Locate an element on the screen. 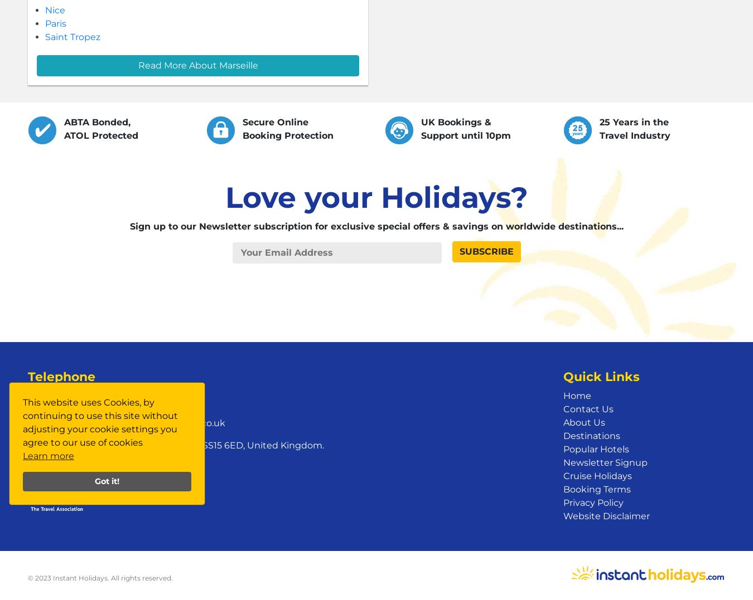 The image size is (753, 600). 'Read More About Marseille' is located at coordinates (137, 65).